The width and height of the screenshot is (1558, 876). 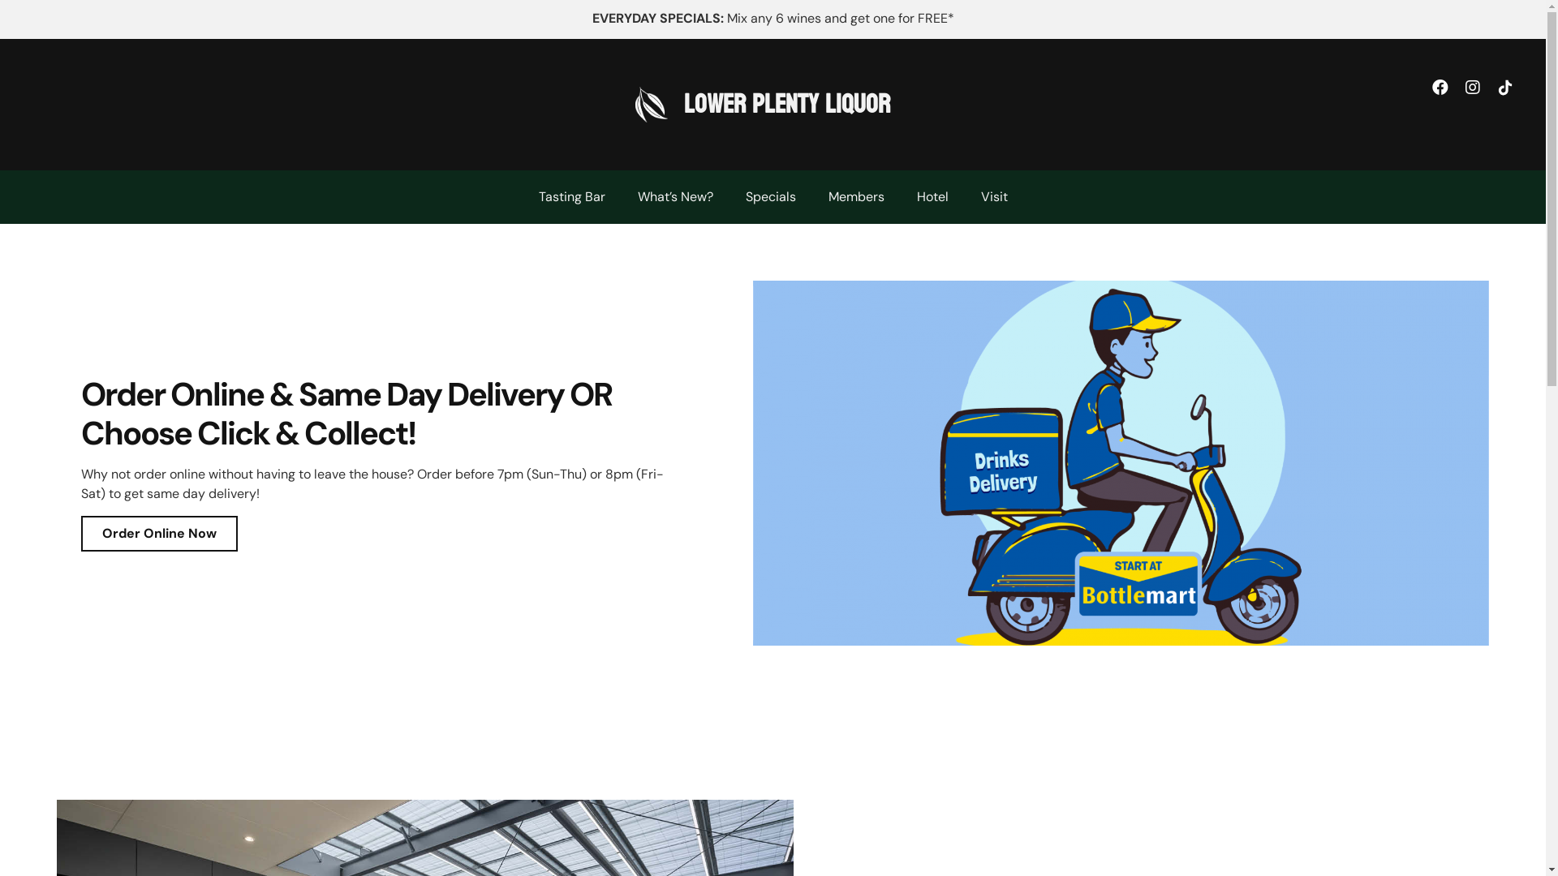 I want to click on 'Tasting Bar', so click(x=572, y=196).